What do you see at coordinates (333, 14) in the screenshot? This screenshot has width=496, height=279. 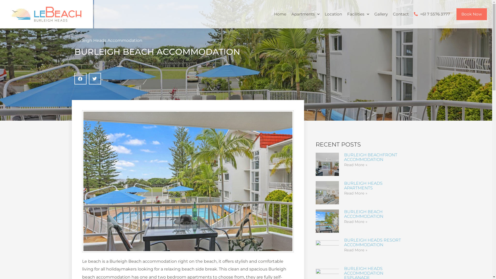 I see `'Location'` at bounding box center [333, 14].